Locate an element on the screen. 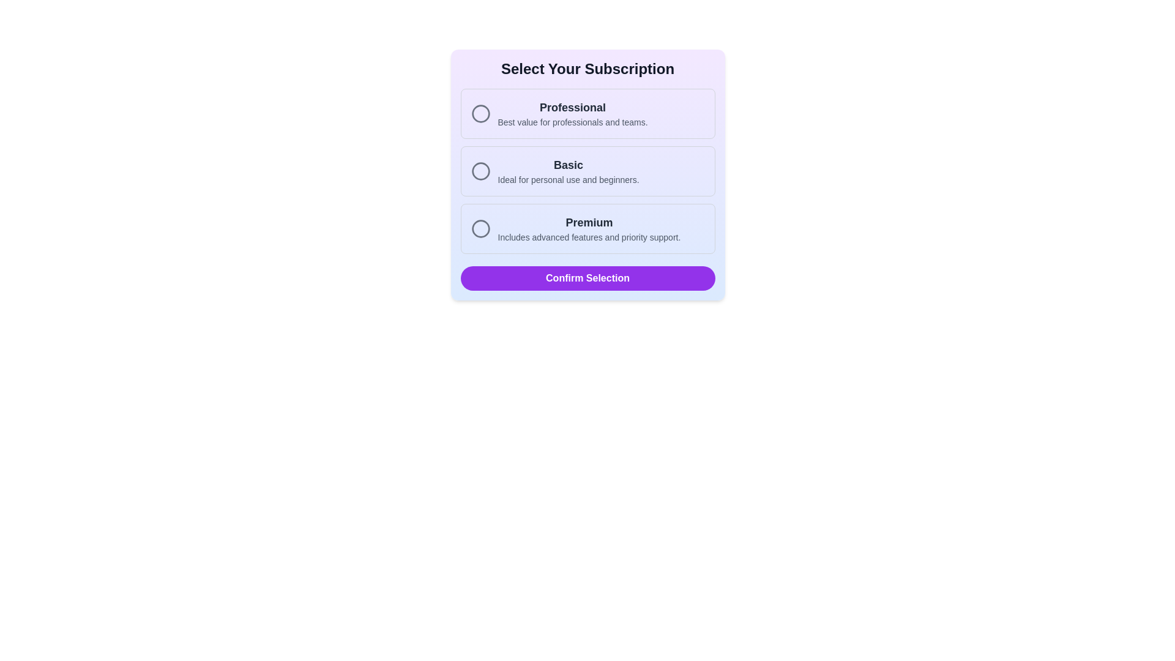  the 'Premium' text element which displays the title in bold black text and a subtitle in smaller gray text, located in the subscription selector interface is located at coordinates (589, 229).